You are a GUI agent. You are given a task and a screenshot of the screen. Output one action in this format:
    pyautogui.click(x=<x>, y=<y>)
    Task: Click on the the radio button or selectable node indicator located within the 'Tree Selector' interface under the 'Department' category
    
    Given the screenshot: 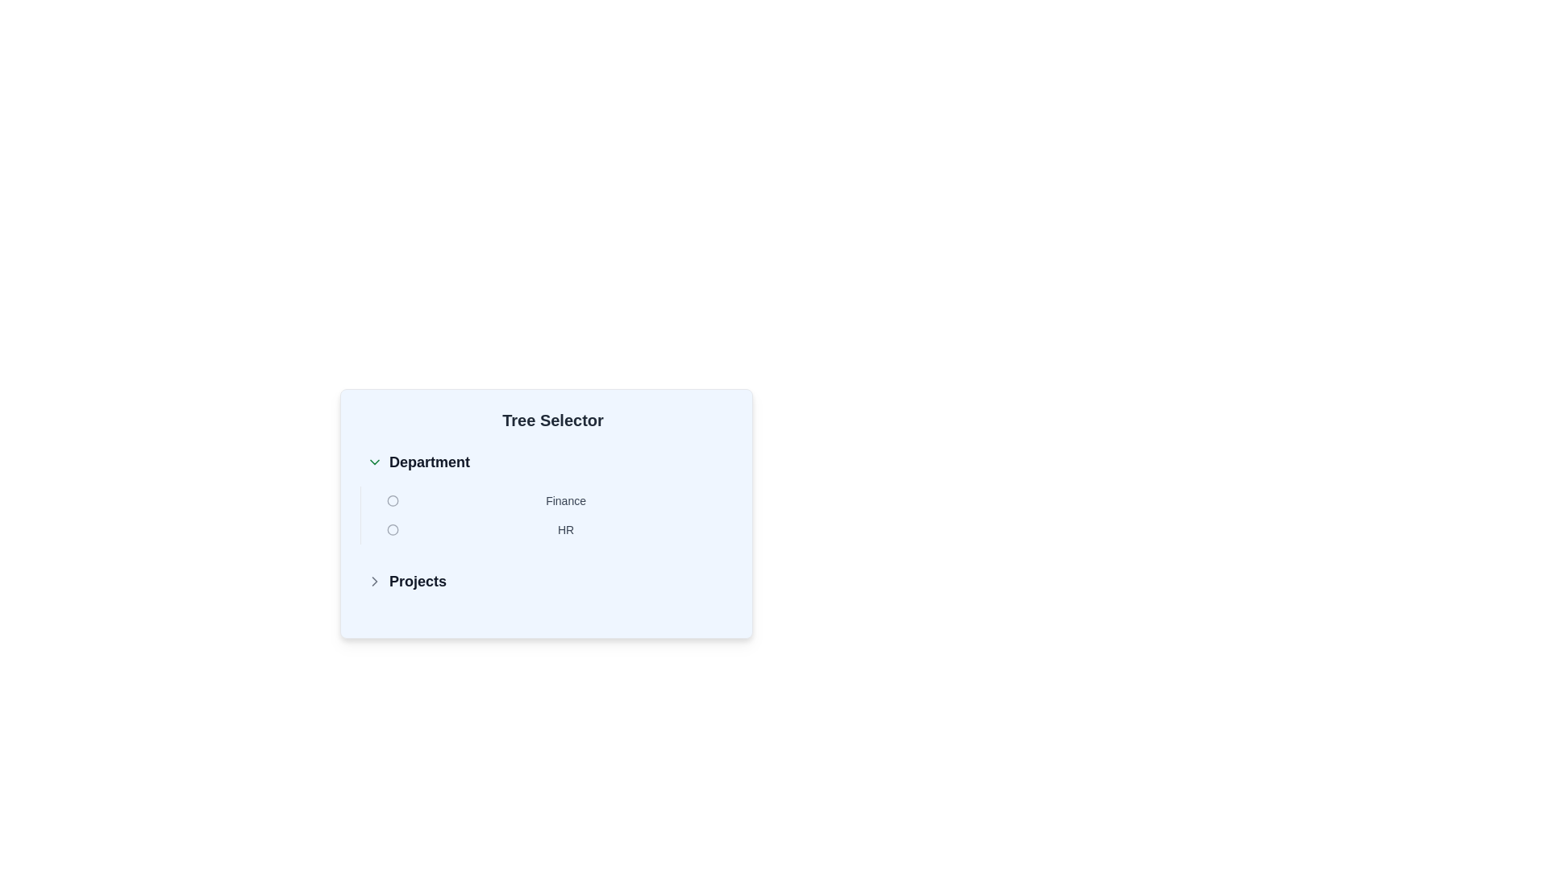 What is the action you would take?
    pyautogui.click(x=393, y=530)
    